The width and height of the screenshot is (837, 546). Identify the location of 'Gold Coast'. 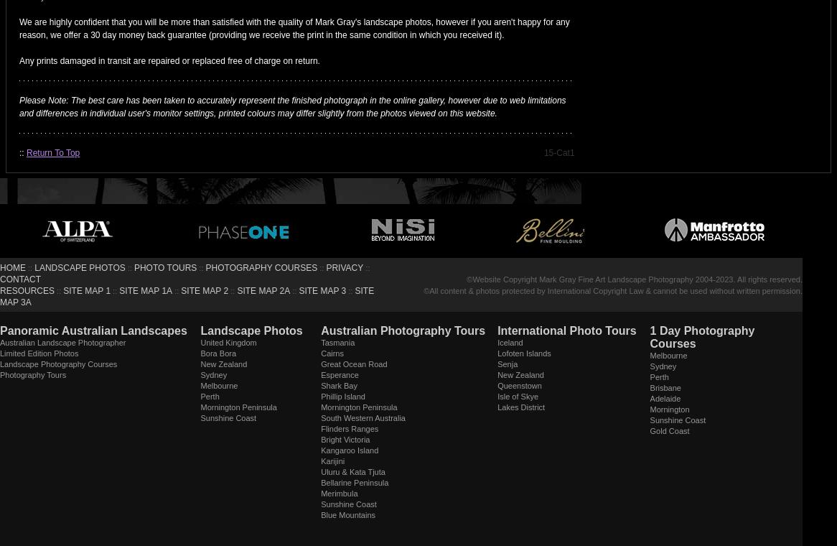
(668, 430).